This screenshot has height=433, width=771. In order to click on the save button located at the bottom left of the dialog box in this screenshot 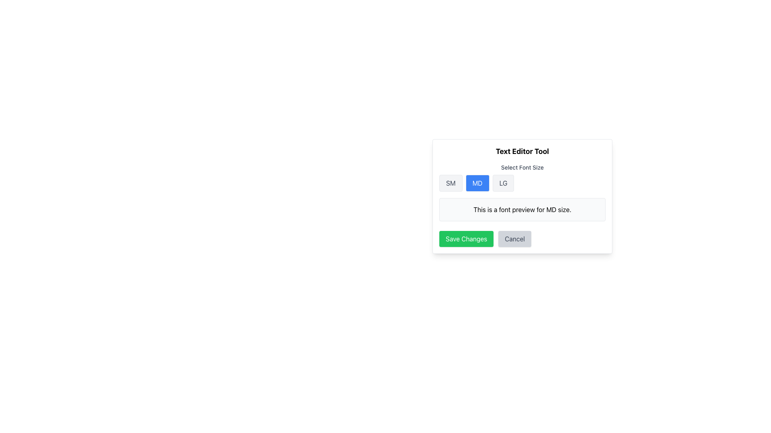, I will do `click(466, 239)`.